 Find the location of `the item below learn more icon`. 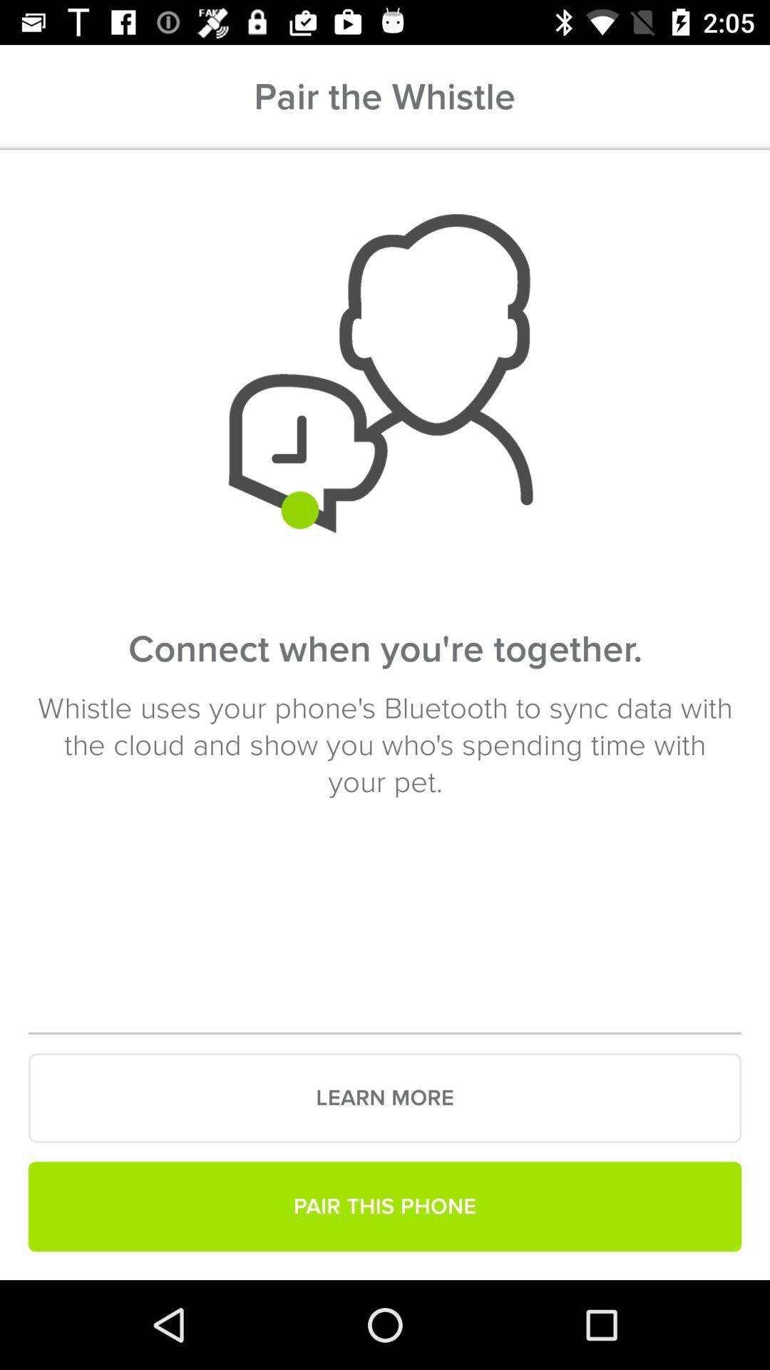

the item below learn more icon is located at coordinates (385, 1206).